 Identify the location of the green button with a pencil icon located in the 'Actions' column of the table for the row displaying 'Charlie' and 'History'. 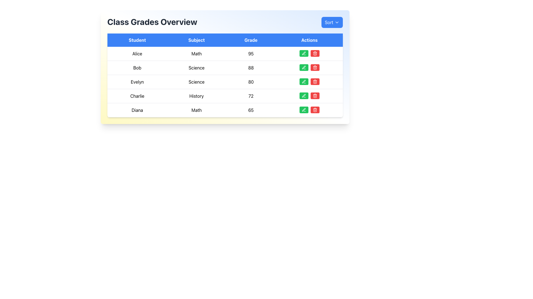
(303, 96).